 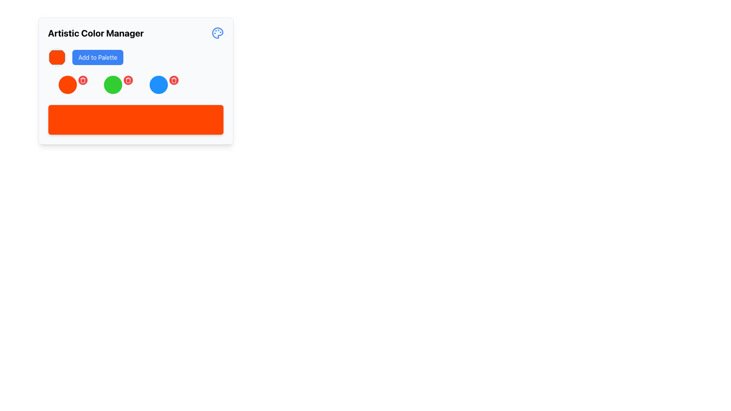 What do you see at coordinates (97, 57) in the screenshot?
I see `the rectangular blue button with rounded corners labeled 'Add to Palette'` at bounding box center [97, 57].